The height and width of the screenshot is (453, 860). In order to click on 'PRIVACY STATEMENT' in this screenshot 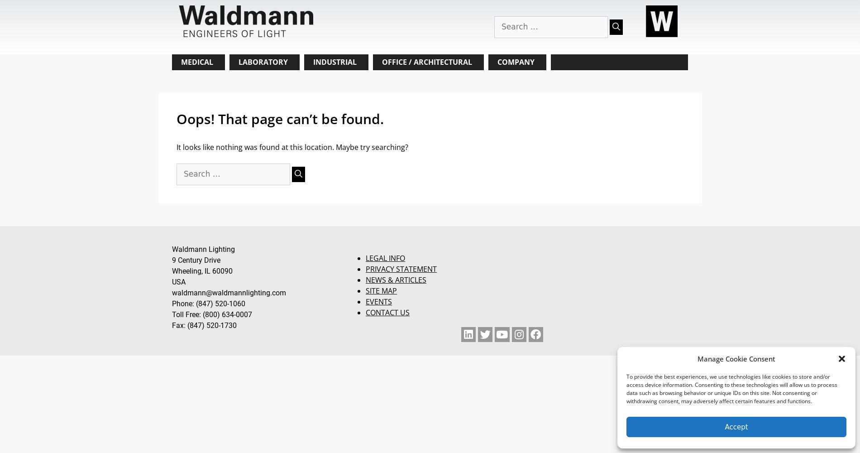, I will do `click(400, 268)`.